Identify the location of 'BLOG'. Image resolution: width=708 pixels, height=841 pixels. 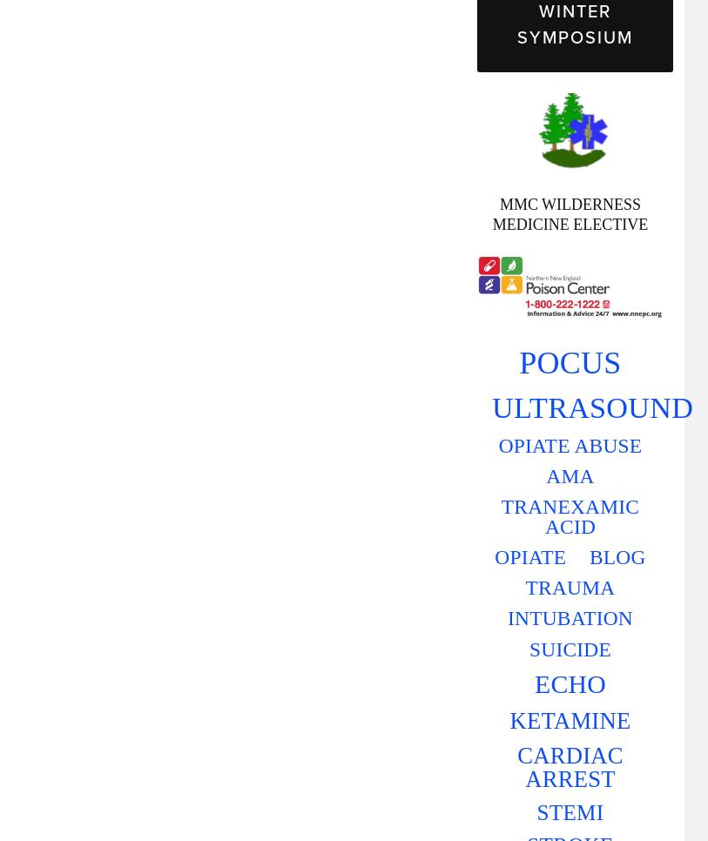
(617, 555).